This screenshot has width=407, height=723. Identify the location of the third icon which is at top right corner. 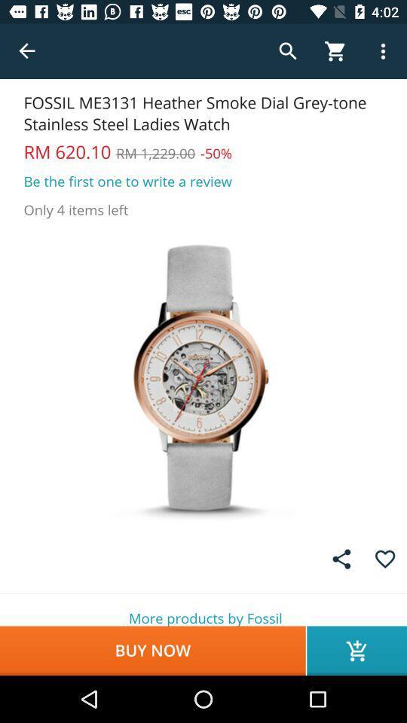
(383, 51).